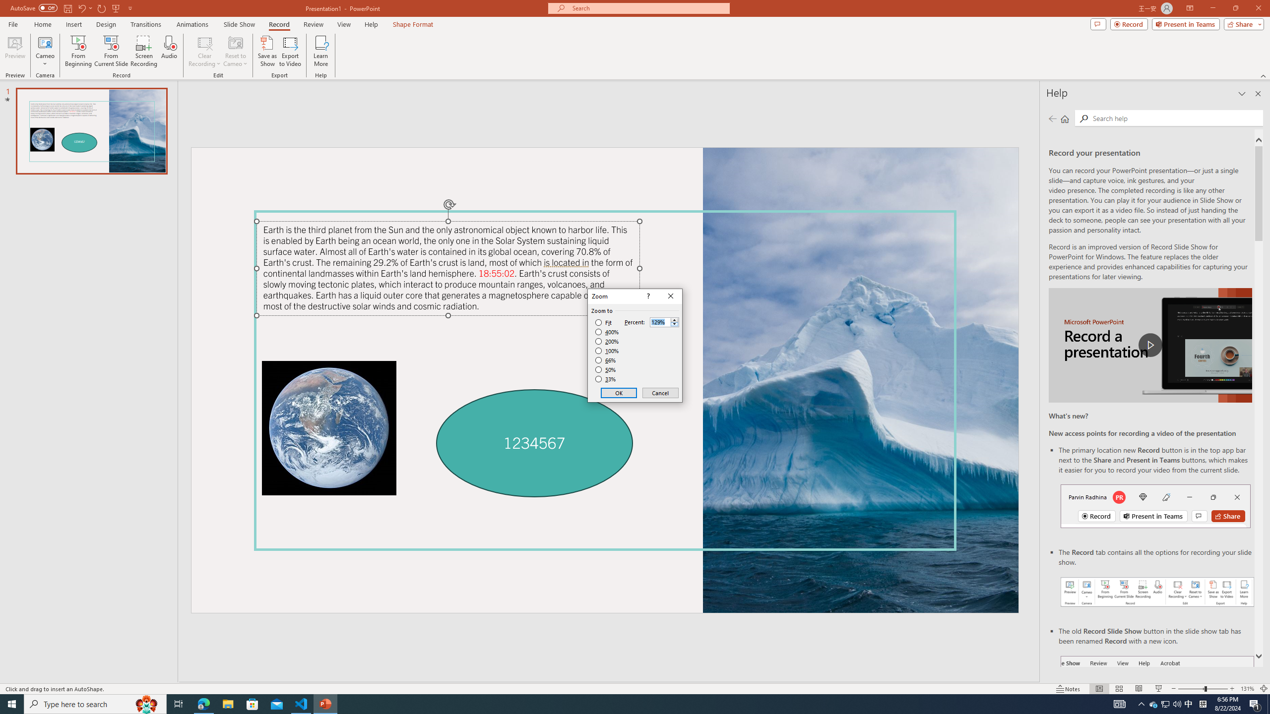  What do you see at coordinates (647, 296) in the screenshot?
I see `'Context help'` at bounding box center [647, 296].